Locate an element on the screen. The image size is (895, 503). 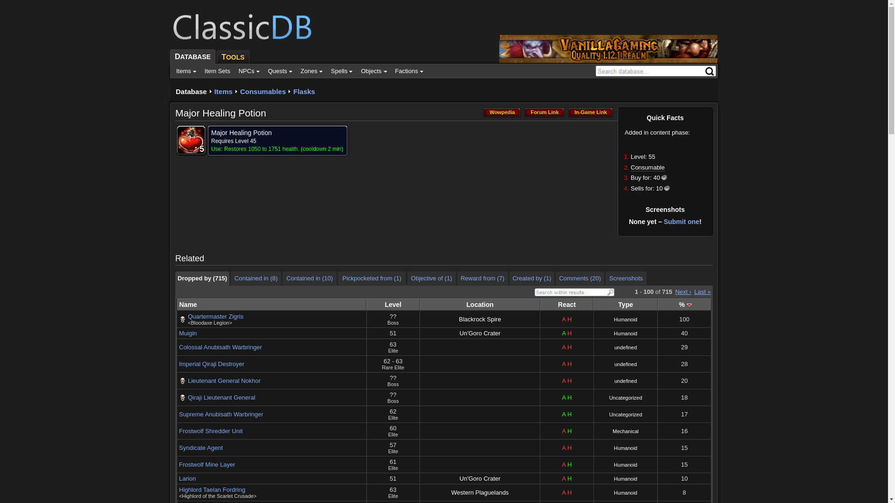
'Colossal Anubisath Warbringer' is located at coordinates (220, 347).